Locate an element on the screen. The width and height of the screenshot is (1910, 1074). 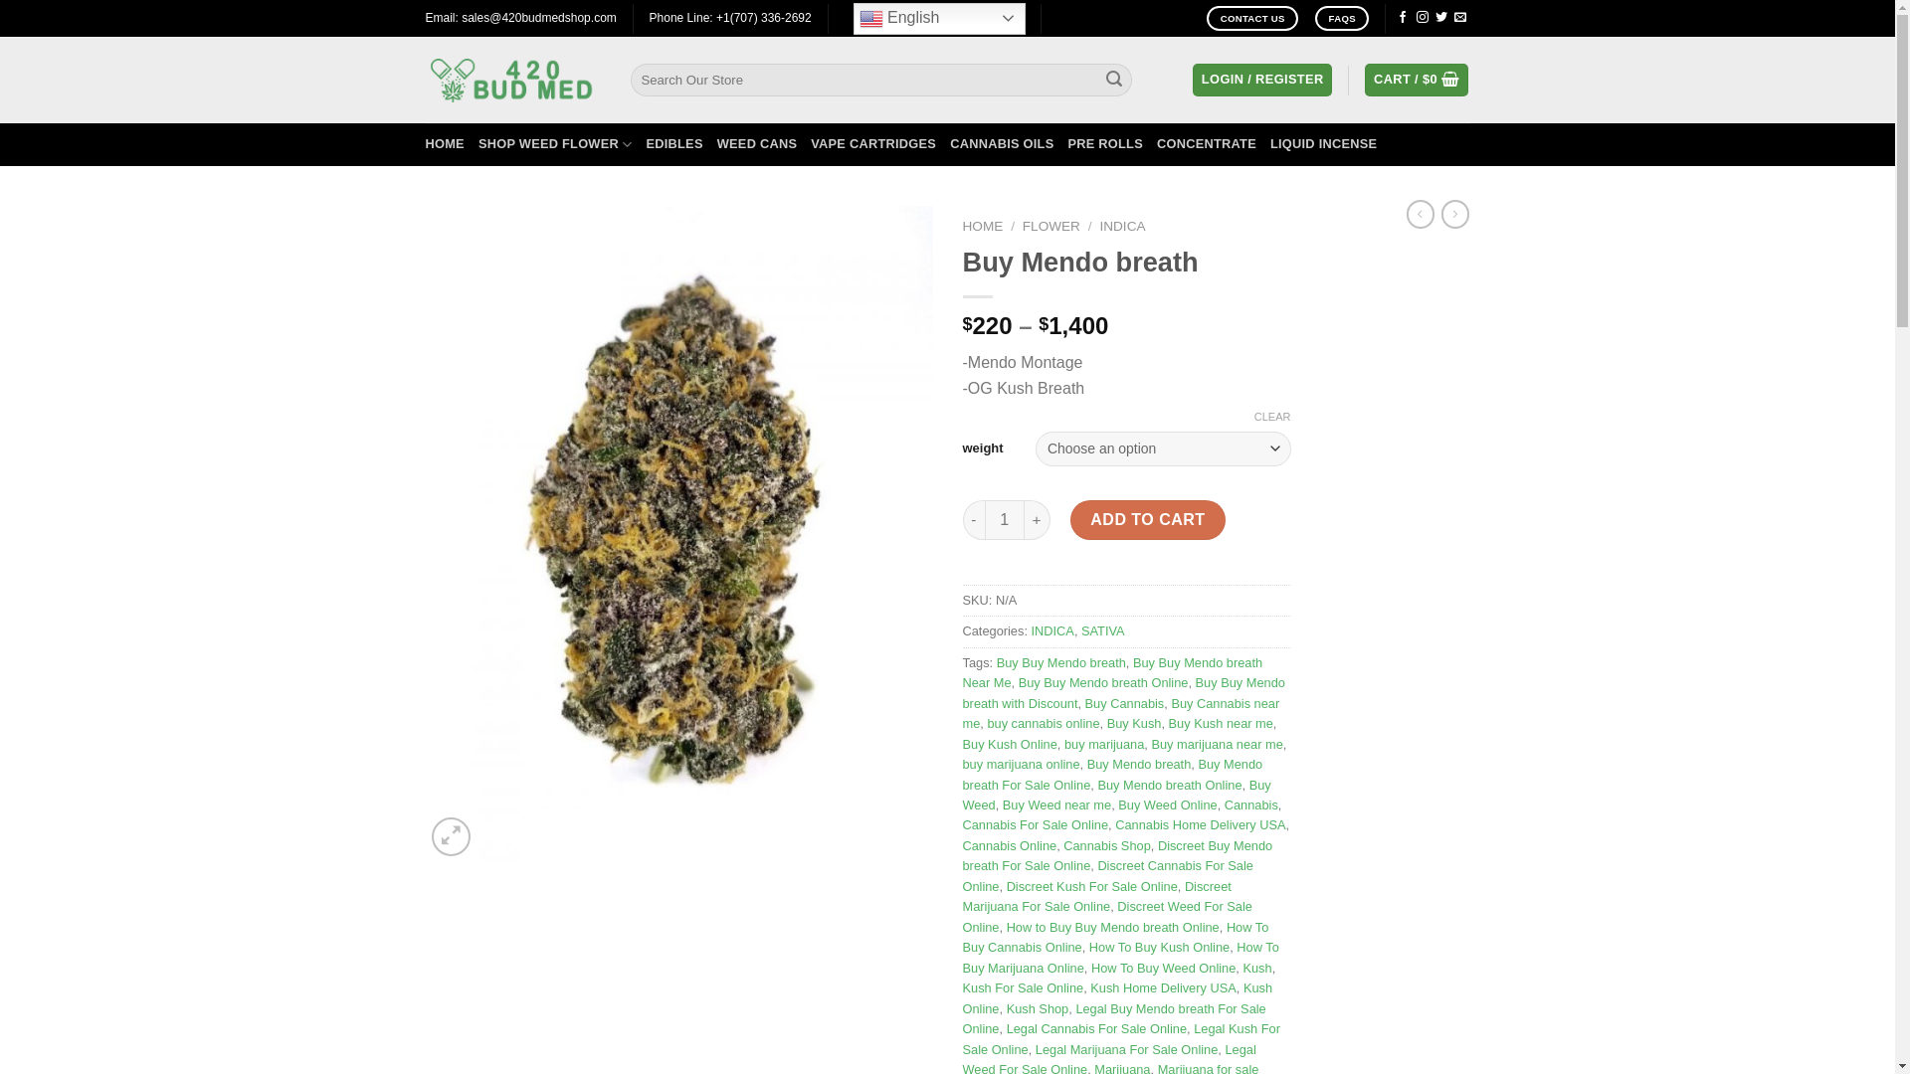
'Buy Buy Mendo breath Online' is located at coordinates (1018, 681).